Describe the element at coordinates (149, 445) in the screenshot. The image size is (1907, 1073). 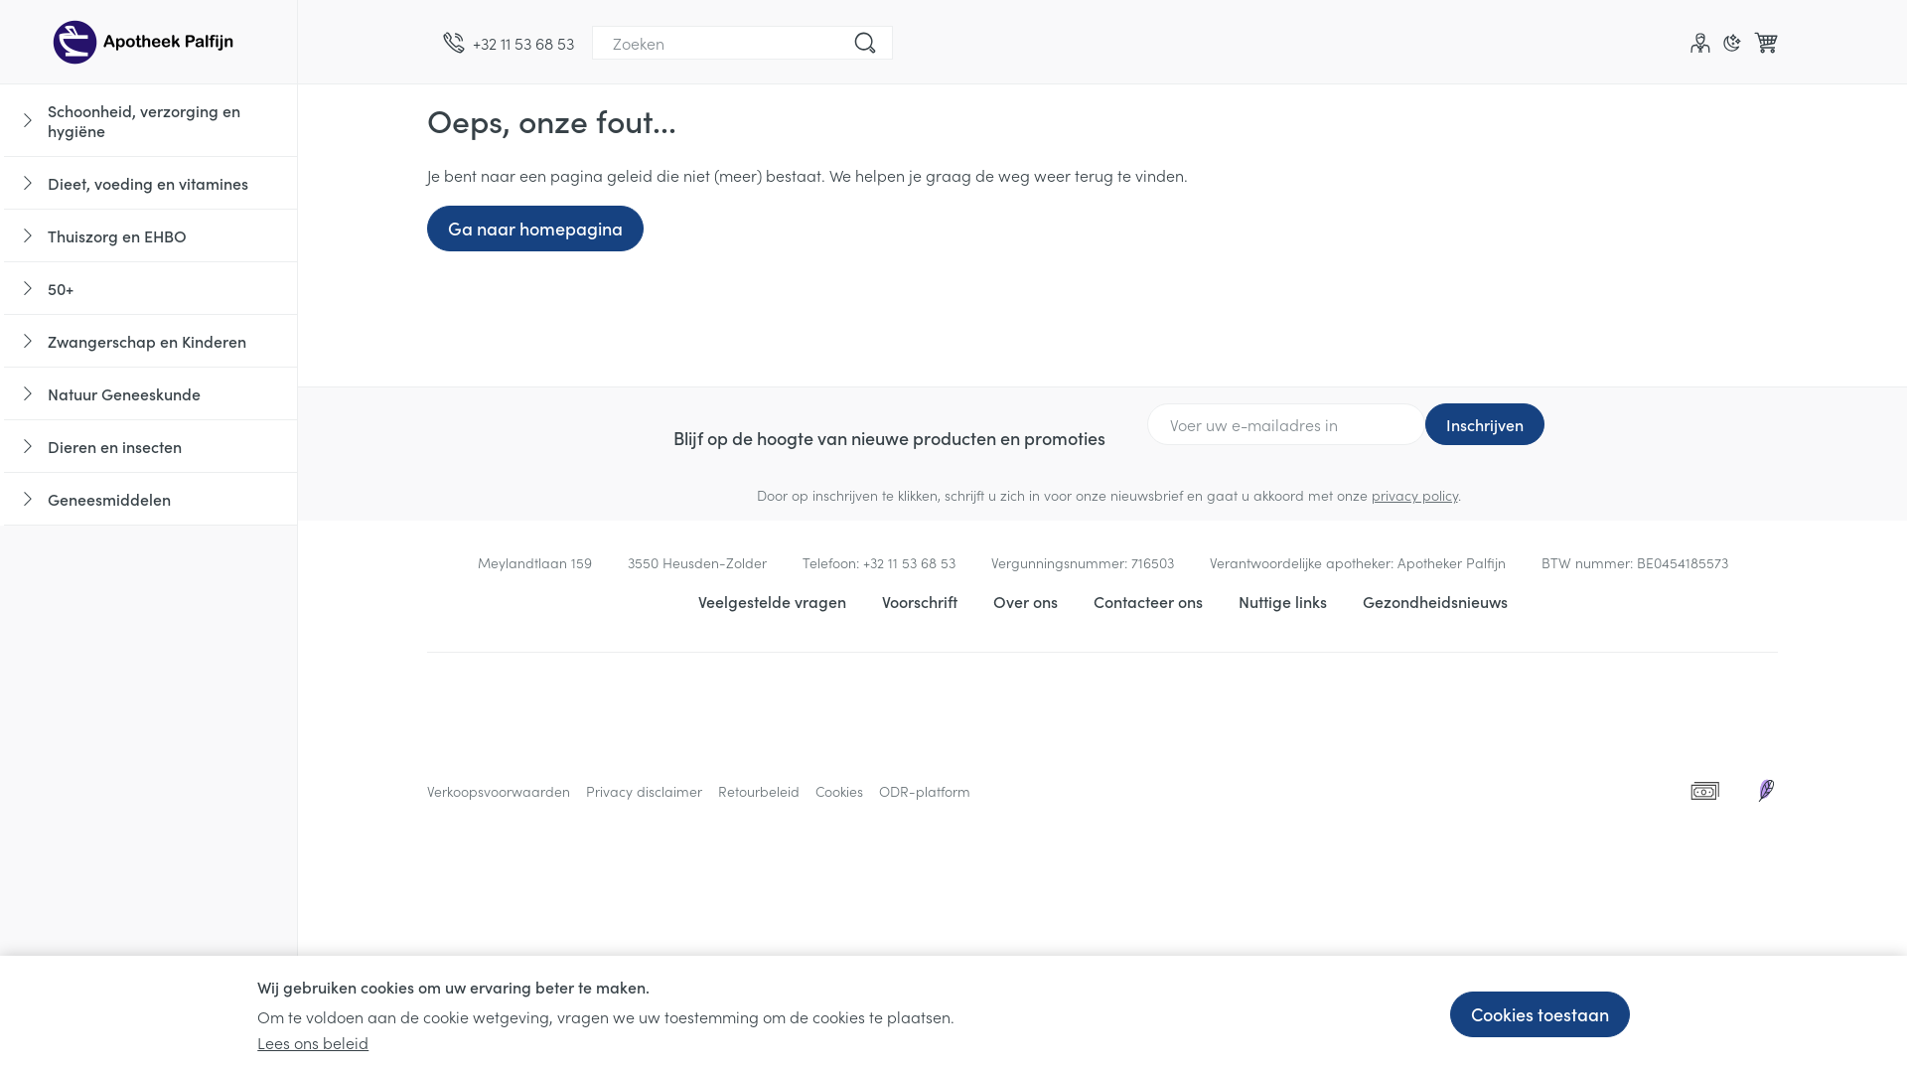
I see `'Dieren en insecten'` at that location.